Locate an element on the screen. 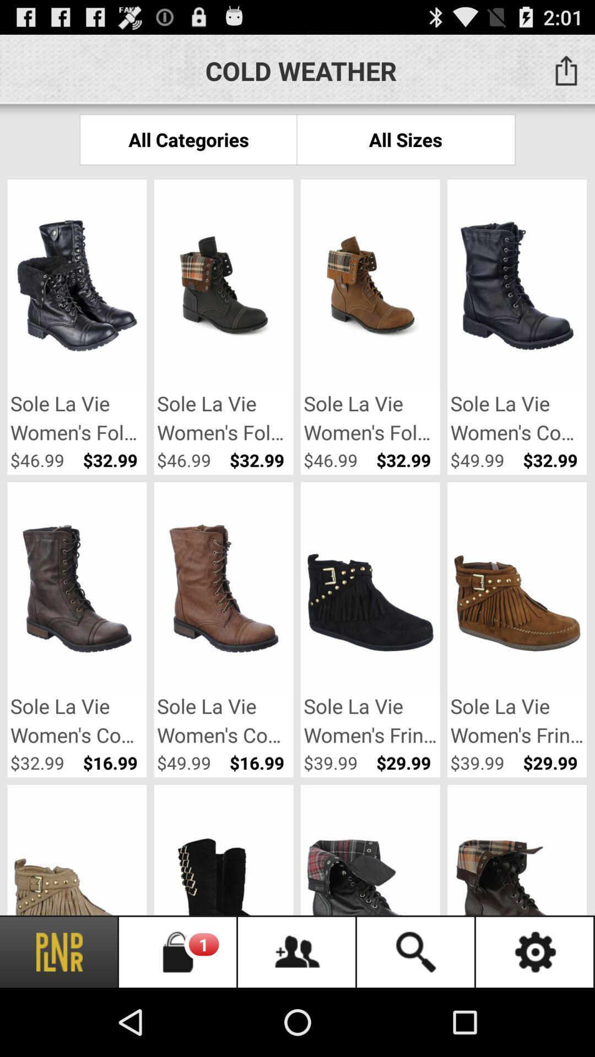 This screenshot has width=595, height=1057. icon to the right of all categories icon is located at coordinates (405, 139).